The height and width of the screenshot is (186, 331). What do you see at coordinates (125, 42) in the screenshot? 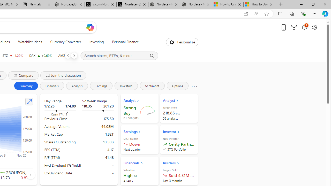
I see `'Personal Finance'` at bounding box center [125, 42].